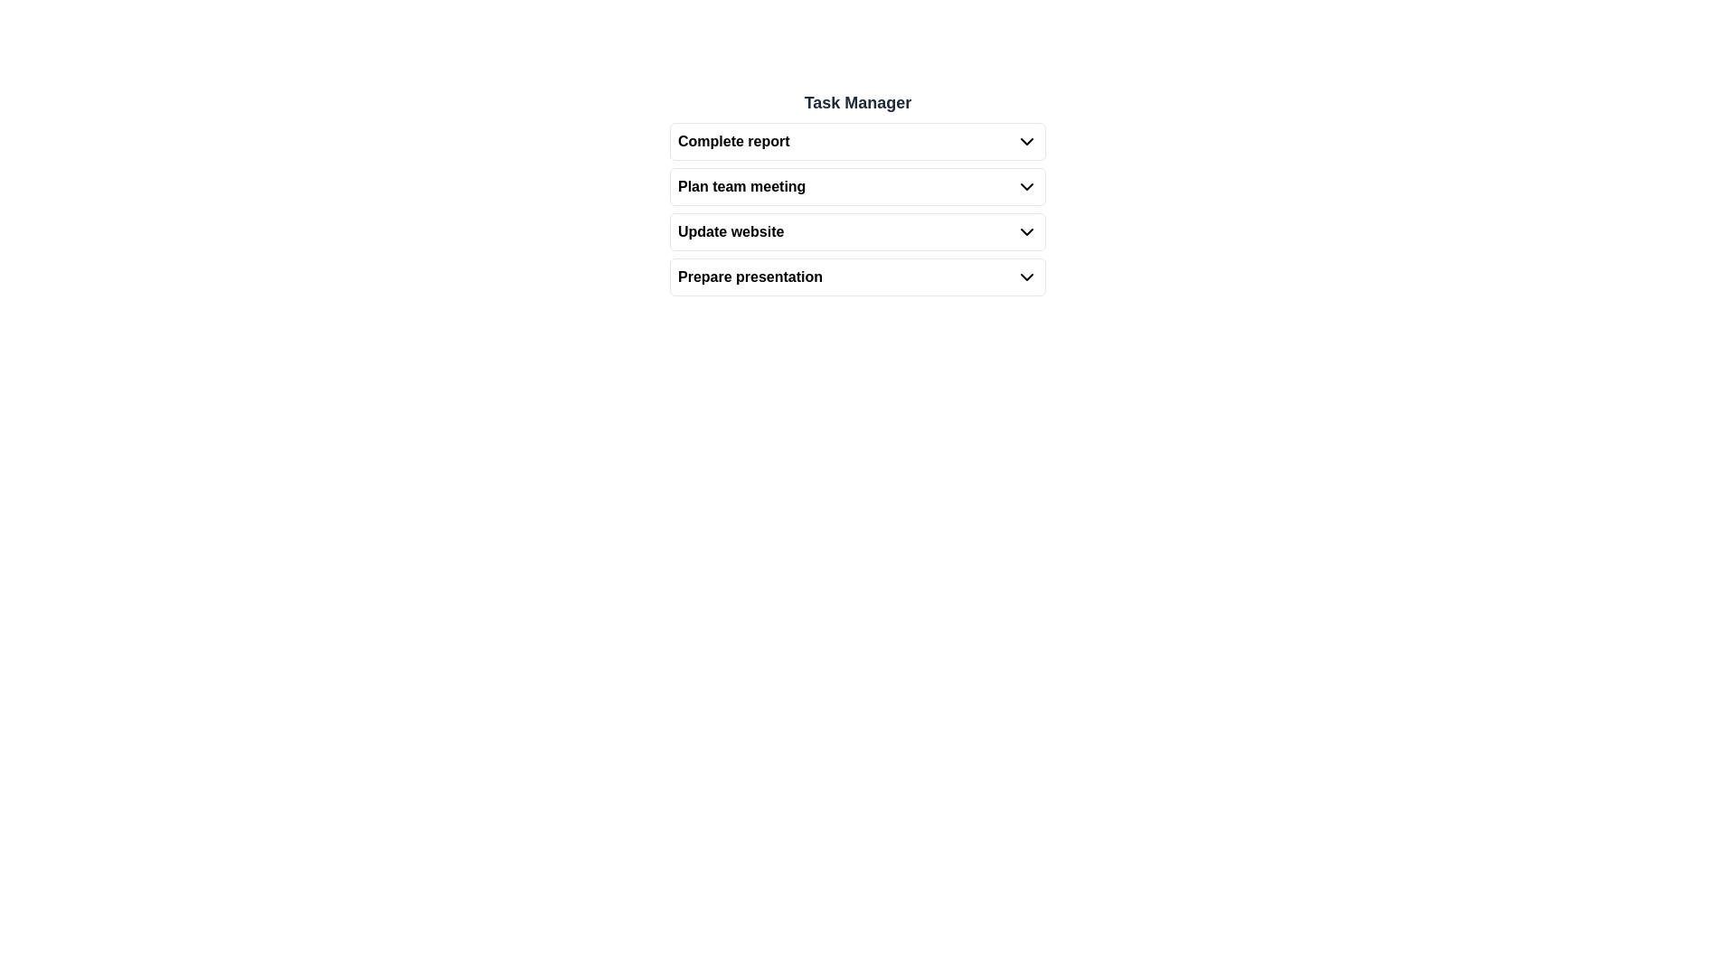 The height and width of the screenshot is (976, 1736). What do you see at coordinates (857, 103) in the screenshot?
I see `the 'Task Manager' text label, which is styled in bold gray and serves as the header for the list` at bounding box center [857, 103].